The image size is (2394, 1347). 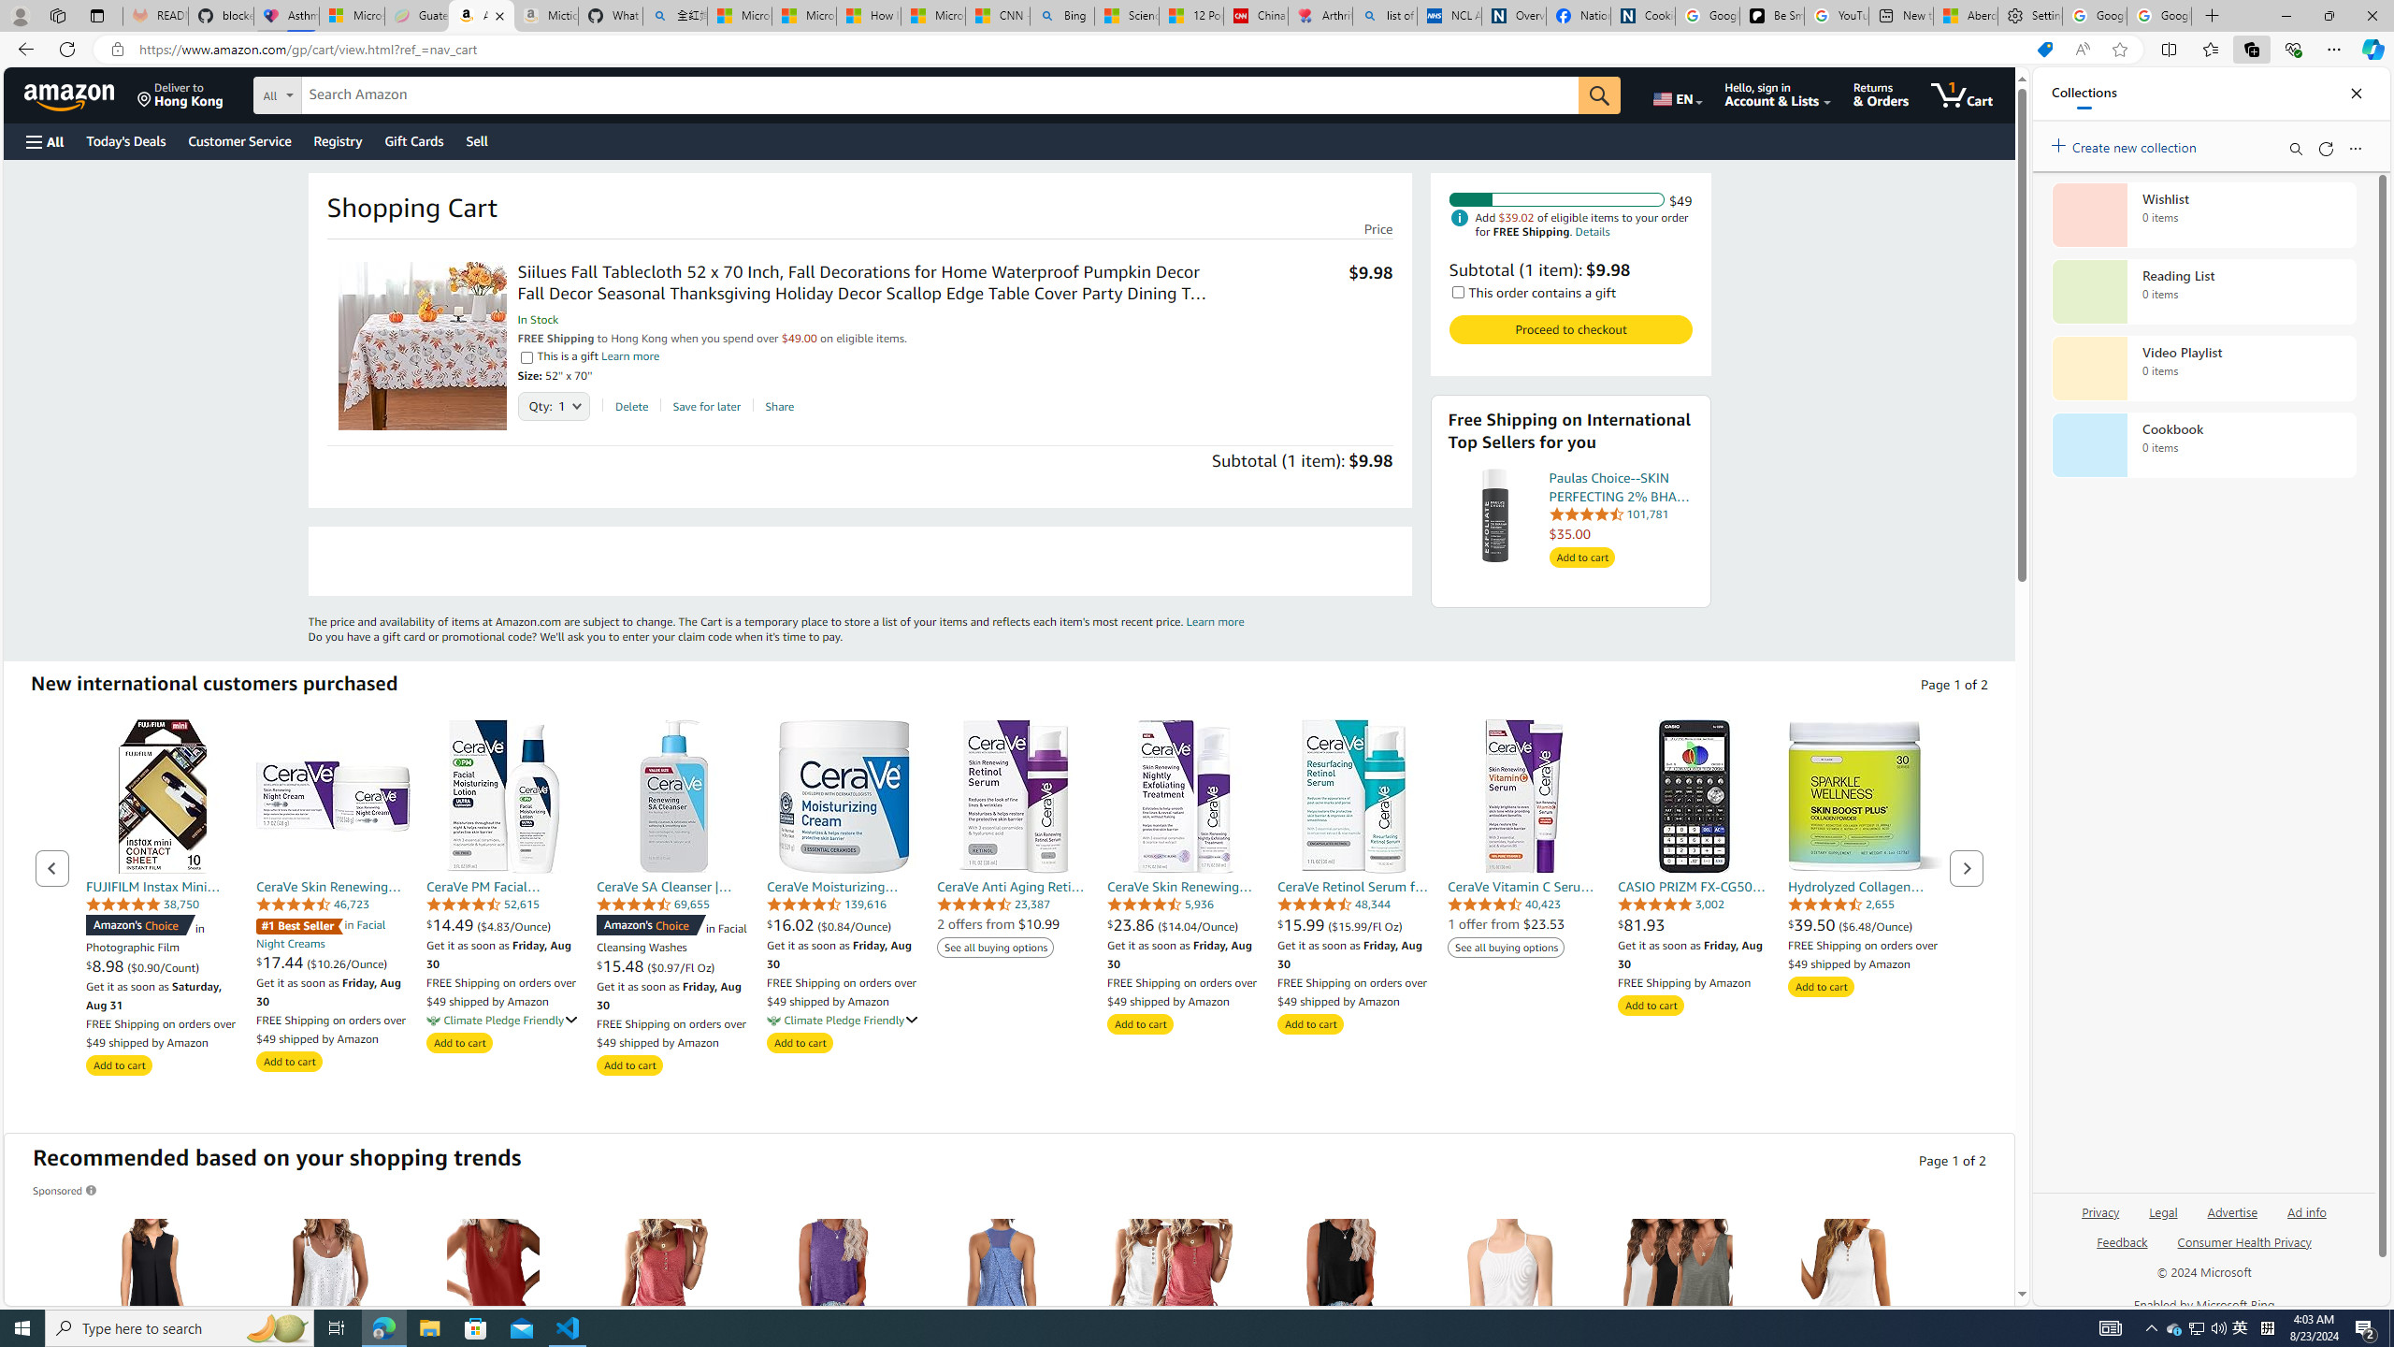 What do you see at coordinates (180, 94) in the screenshot?
I see `'Deliver to Hong Kong'` at bounding box center [180, 94].